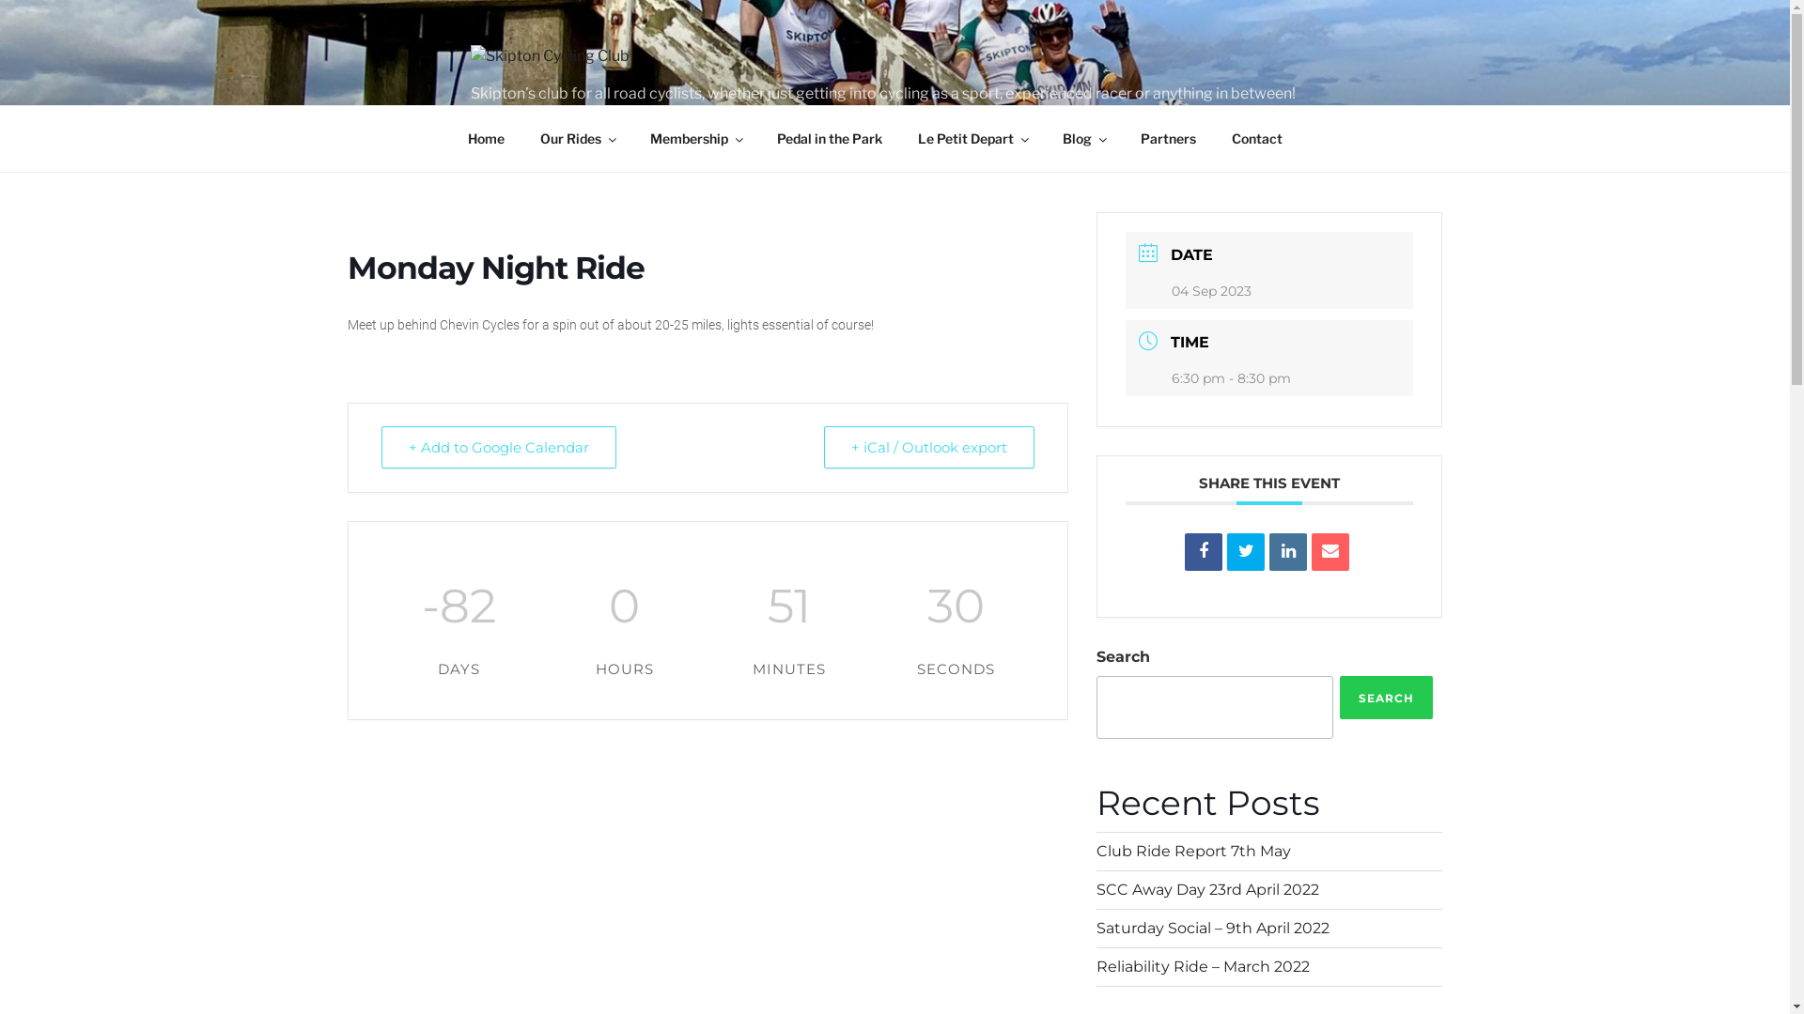  I want to click on 'Tweet', so click(1245, 550).